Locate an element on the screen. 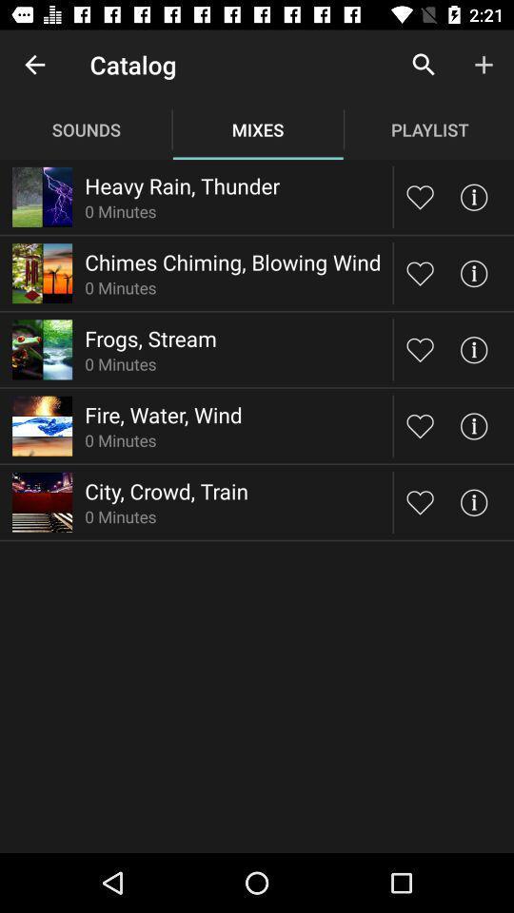 The height and width of the screenshot is (913, 514). click information is located at coordinates (472, 272).